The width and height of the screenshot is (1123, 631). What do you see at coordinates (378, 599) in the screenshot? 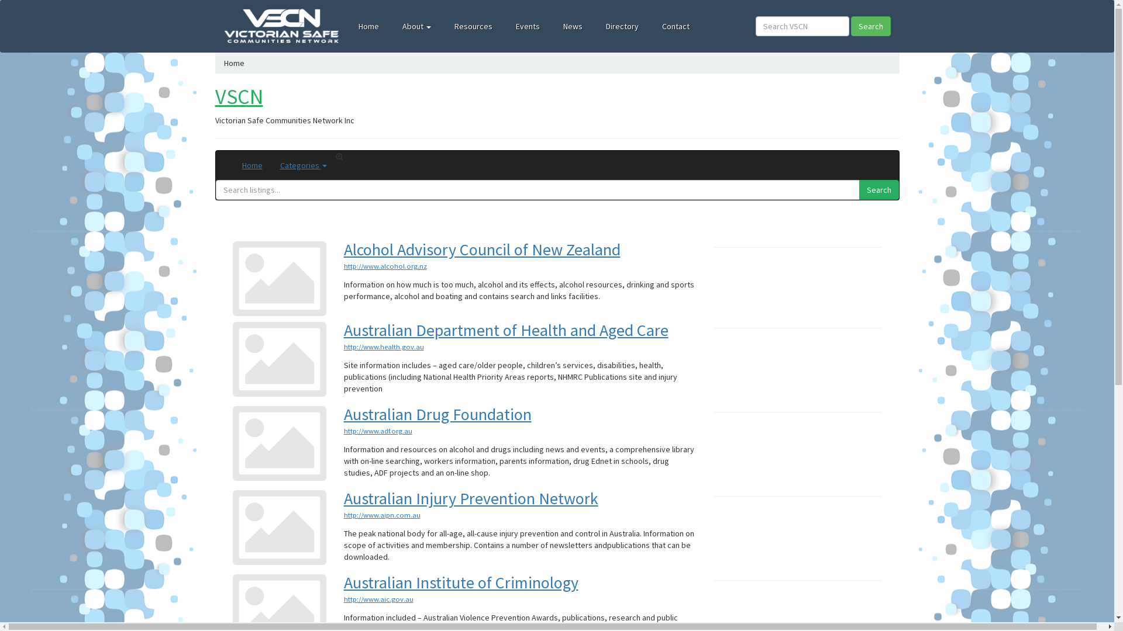
I see `'http://www.aic.gov.au'` at bounding box center [378, 599].